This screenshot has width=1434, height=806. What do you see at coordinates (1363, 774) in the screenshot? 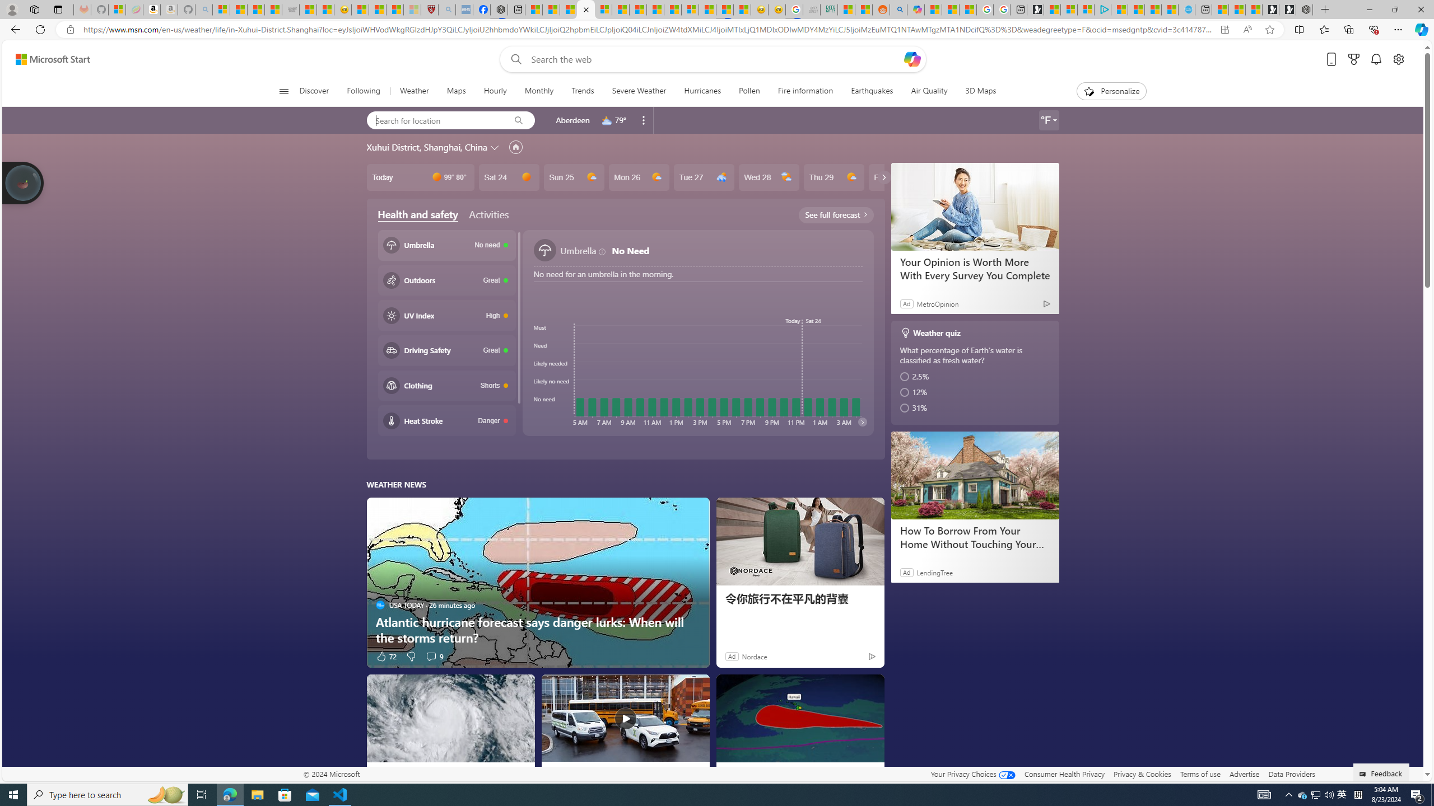
I see `'Class: feedback_link_icon-DS-EntryPoint1-1'` at bounding box center [1363, 774].